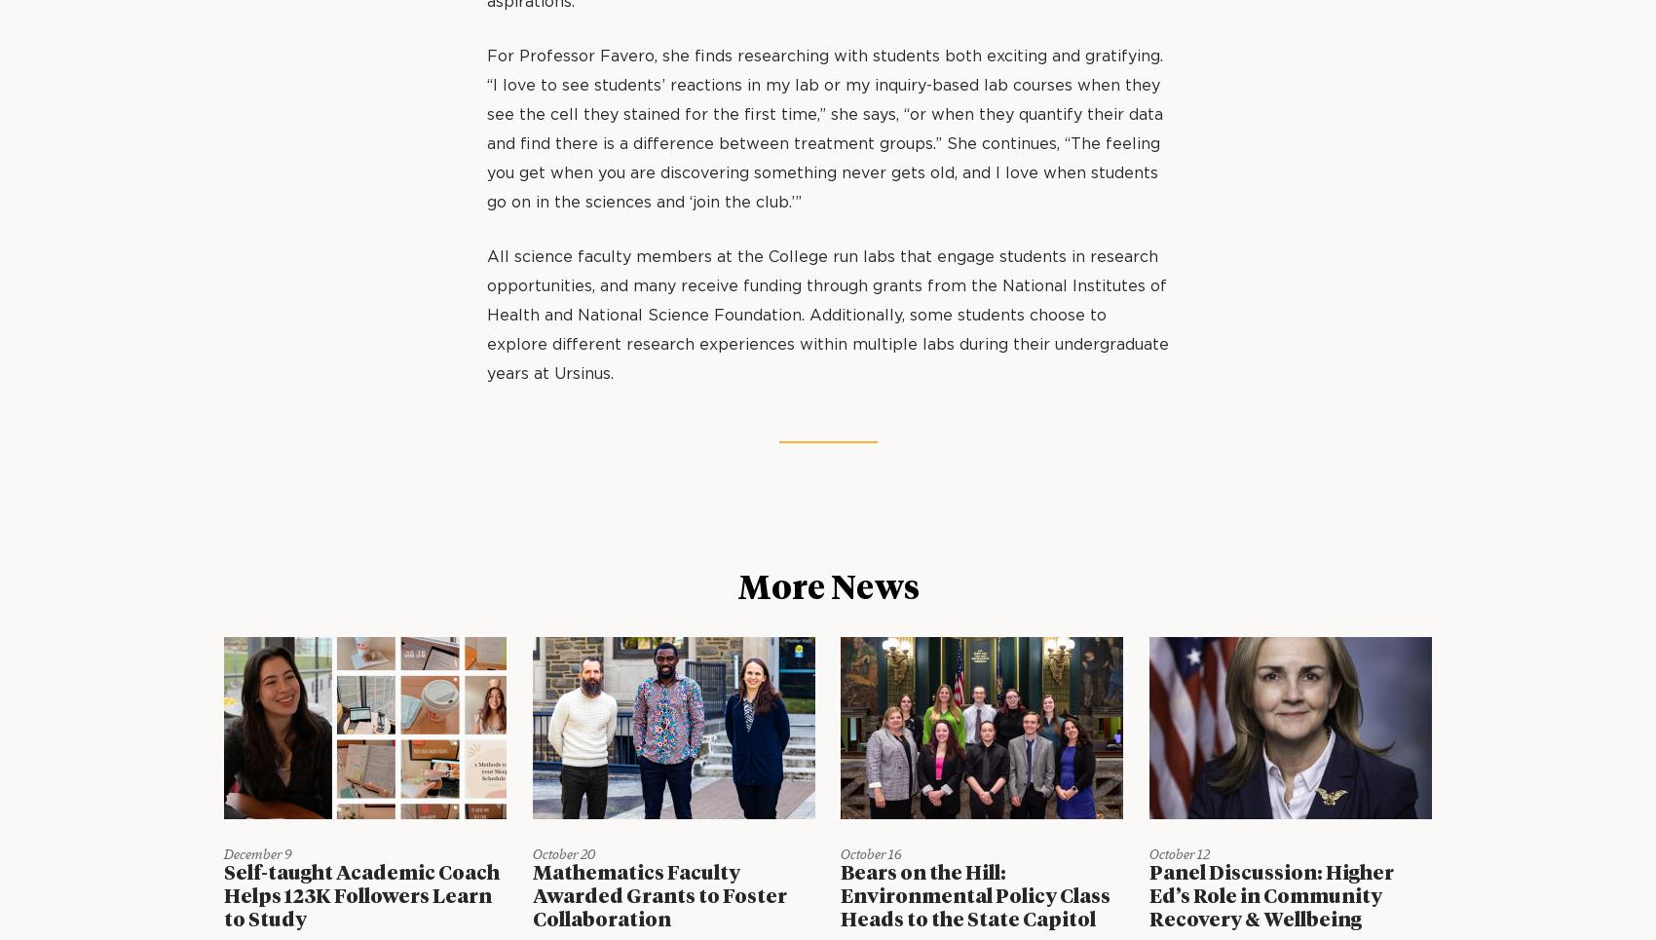 The height and width of the screenshot is (940, 1656). I want to click on 'Bears on the Hill: Environmental Policy Class Heads to the State Capitol', so click(974, 895).